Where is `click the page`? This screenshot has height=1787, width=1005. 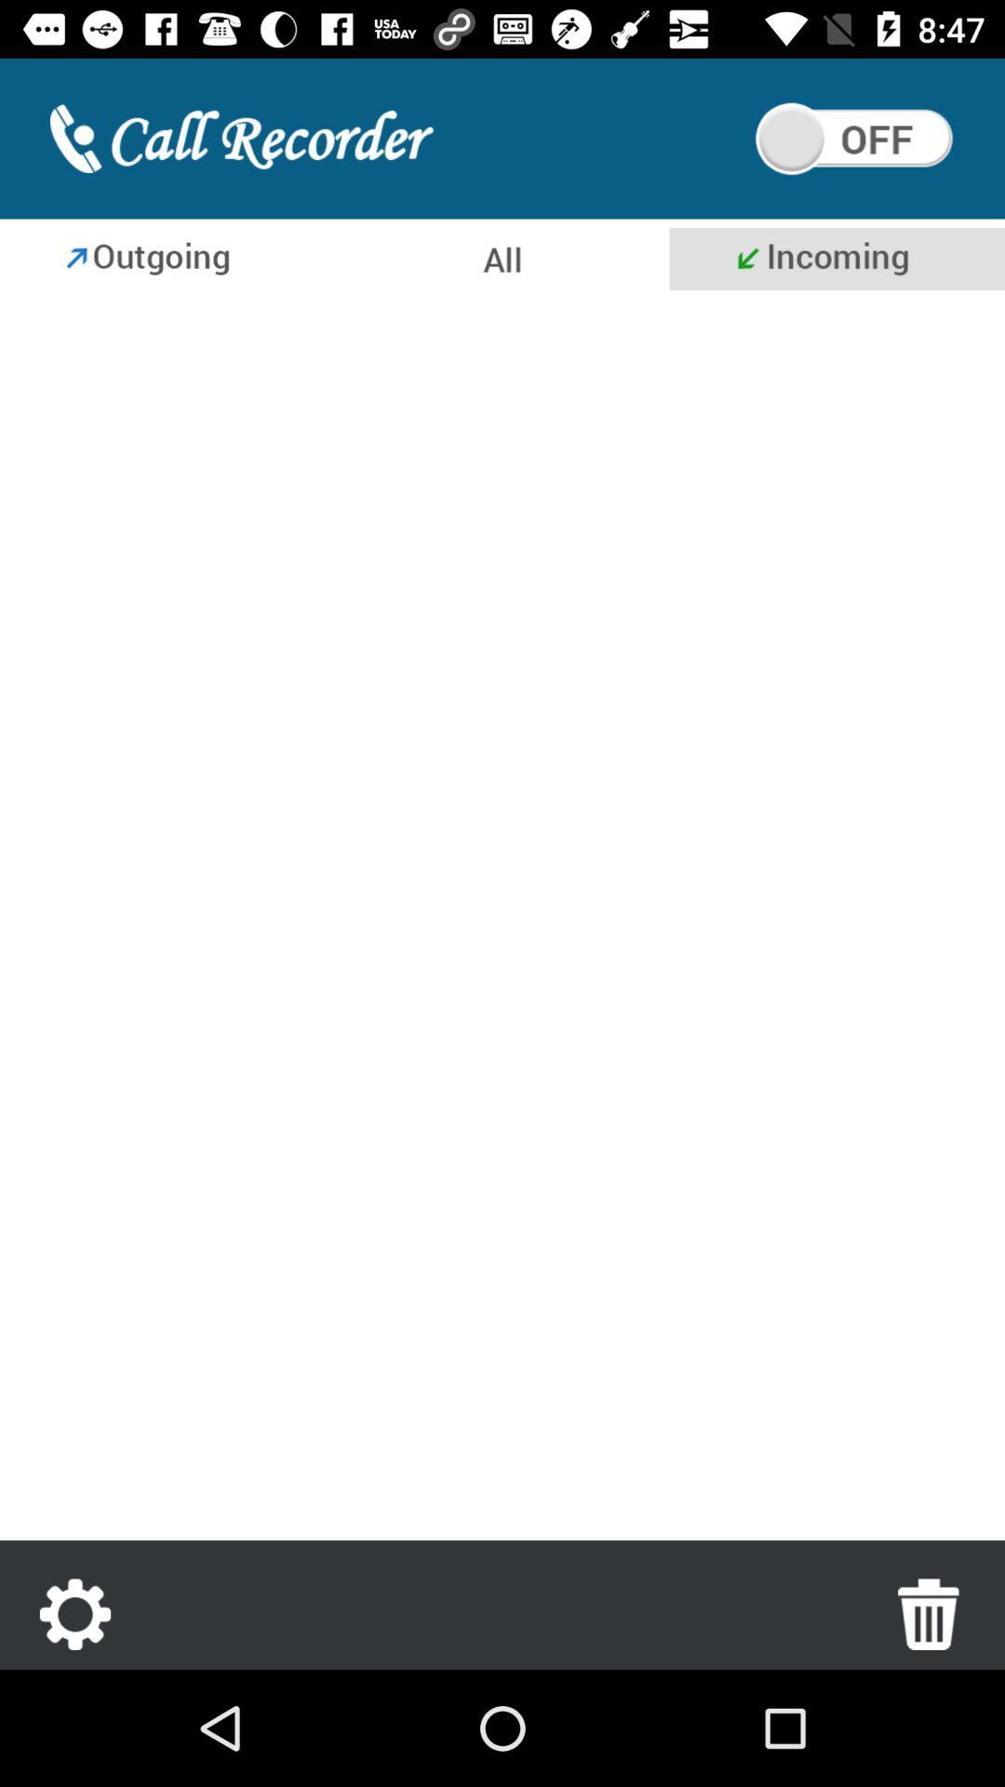 click the page is located at coordinates (502, 920).